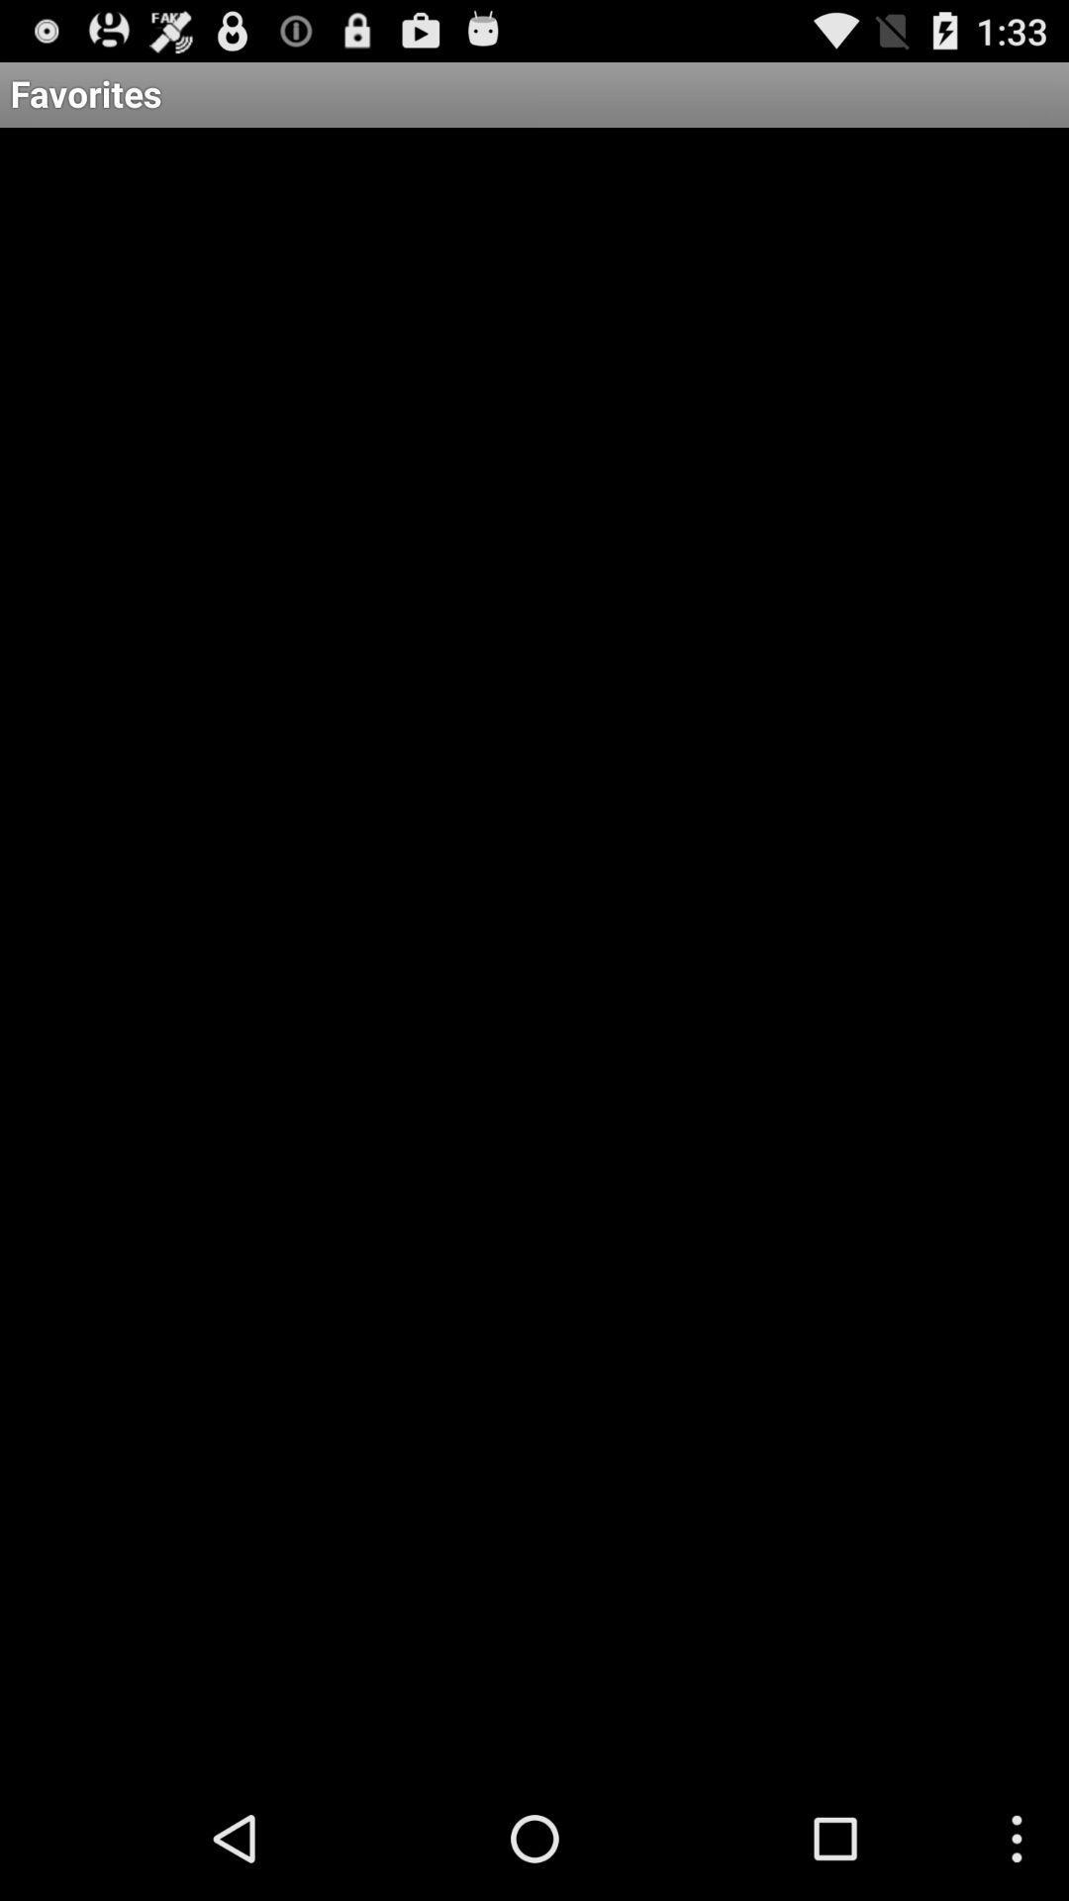 This screenshot has height=1901, width=1069. Describe the element at coordinates (534, 951) in the screenshot. I see `icon below favorites item` at that location.